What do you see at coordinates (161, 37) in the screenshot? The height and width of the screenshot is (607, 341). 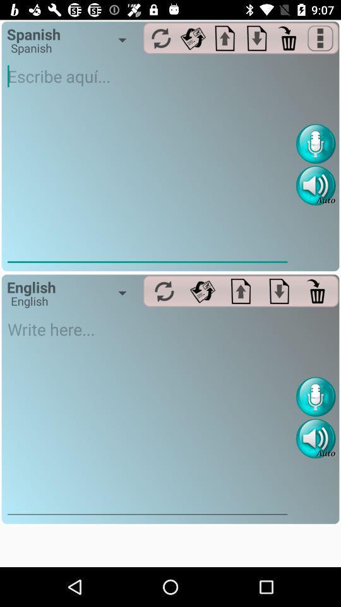 I see `refresh the page` at bounding box center [161, 37].